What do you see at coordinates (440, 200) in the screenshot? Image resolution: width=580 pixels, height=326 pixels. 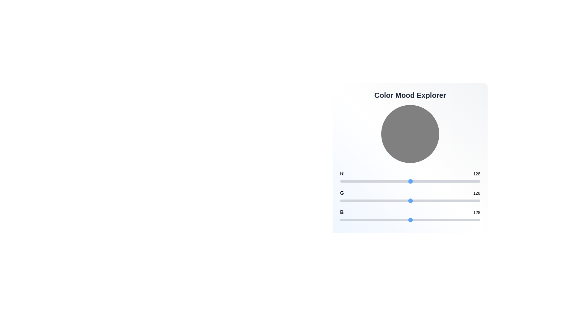 I see `the 1 slider to set its value to 182` at bounding box center [440, 200].